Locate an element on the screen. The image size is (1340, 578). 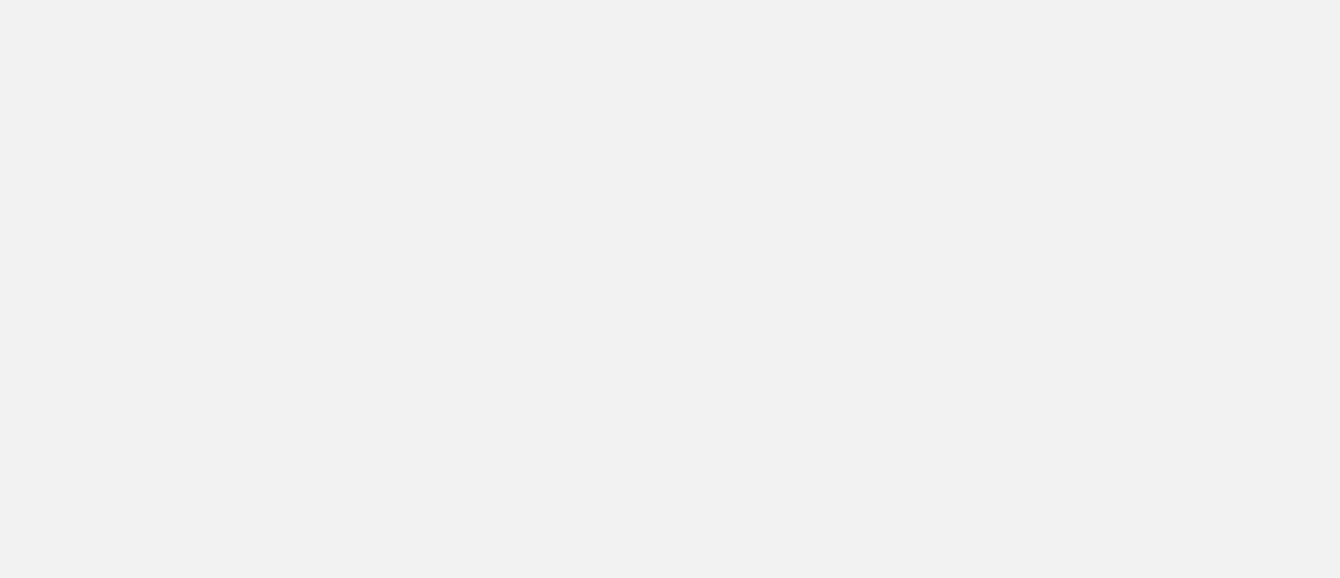
'Required fields are marked' is located at coordinates (570, 365).